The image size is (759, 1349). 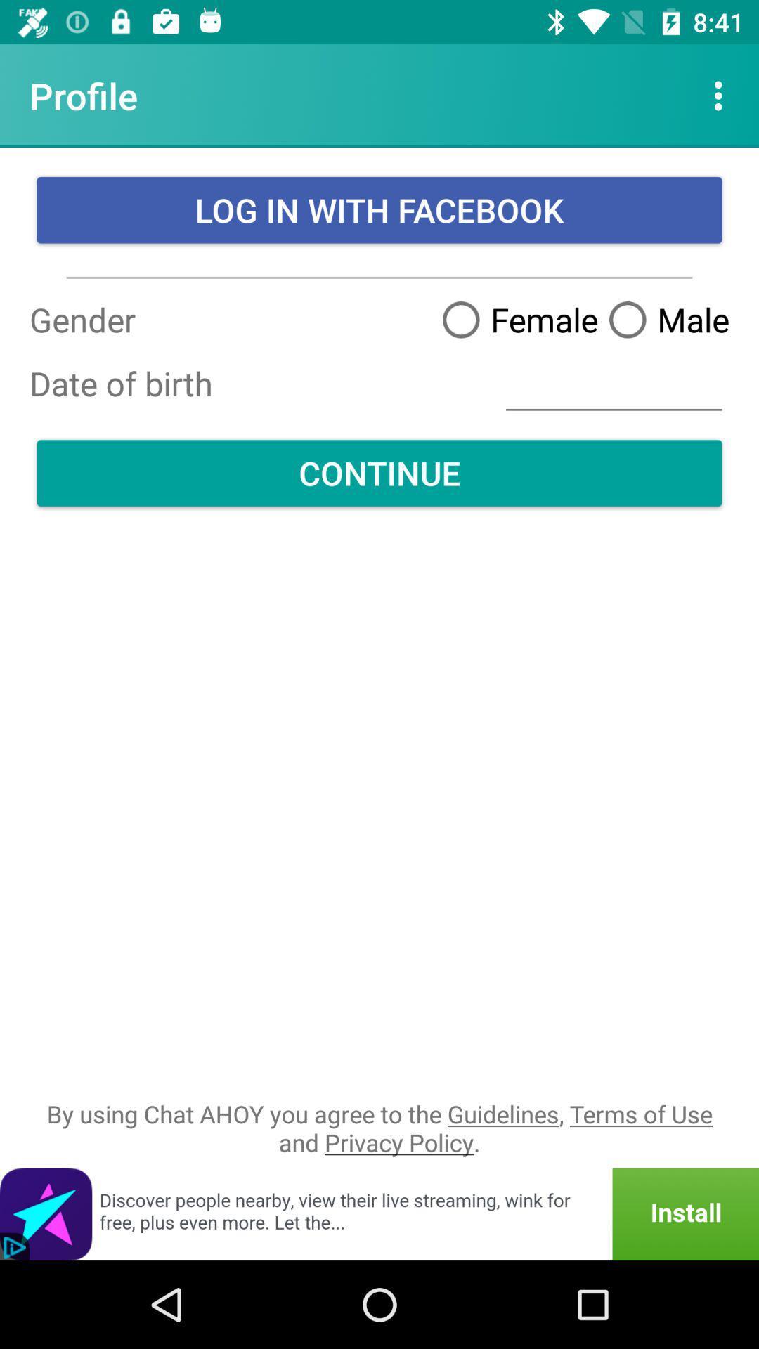 What do you see at coordinates (613, 384) in the screenshot?
I see `item to the right of gender` at bounding box center [613, 384].